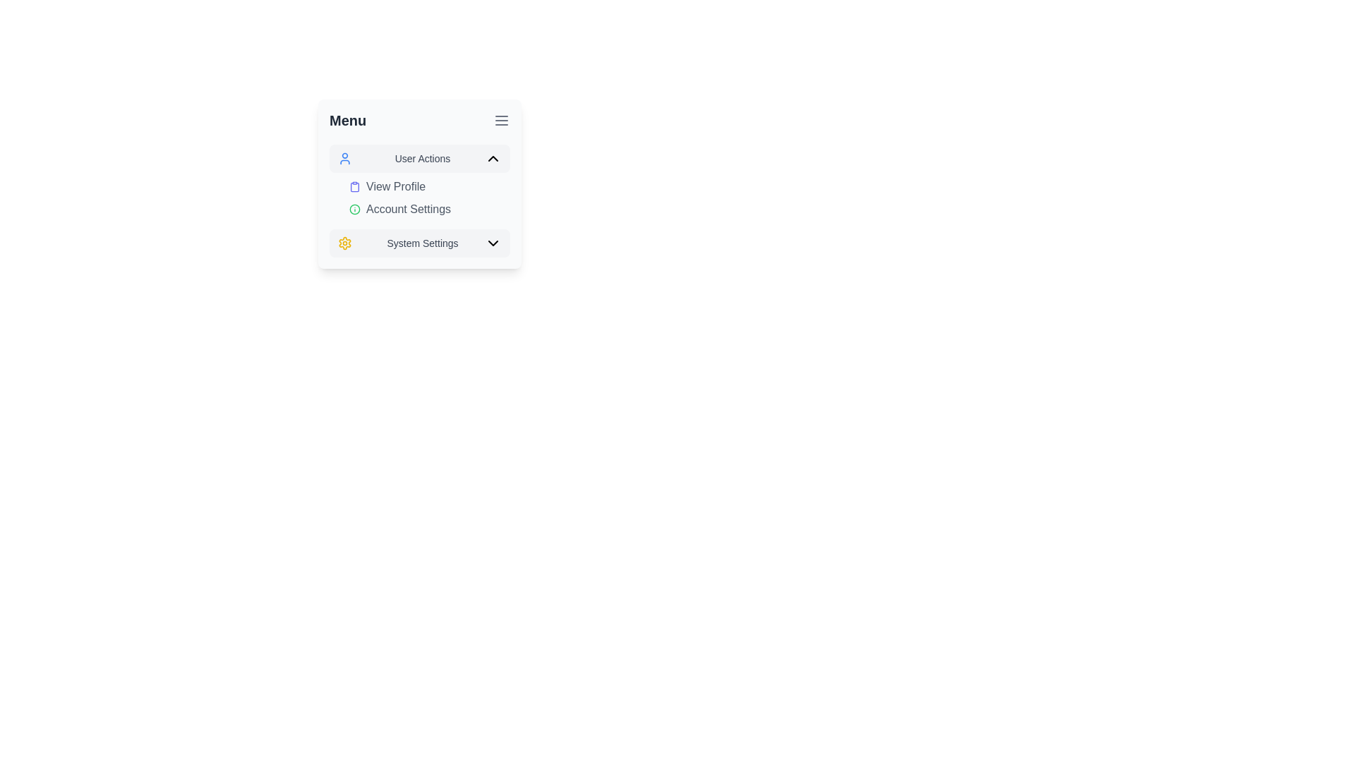  I want to click on the central SVG circle element of the 'info' icon in the system menu, which symbolizes informational content or settings, so click(355, 210).